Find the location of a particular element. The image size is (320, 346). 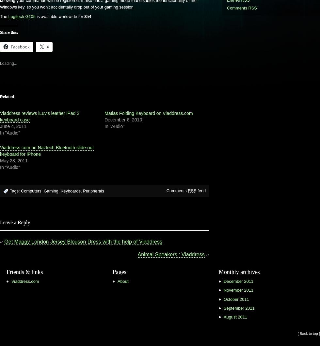

'Facebook' is located at coordinates (20, 46).